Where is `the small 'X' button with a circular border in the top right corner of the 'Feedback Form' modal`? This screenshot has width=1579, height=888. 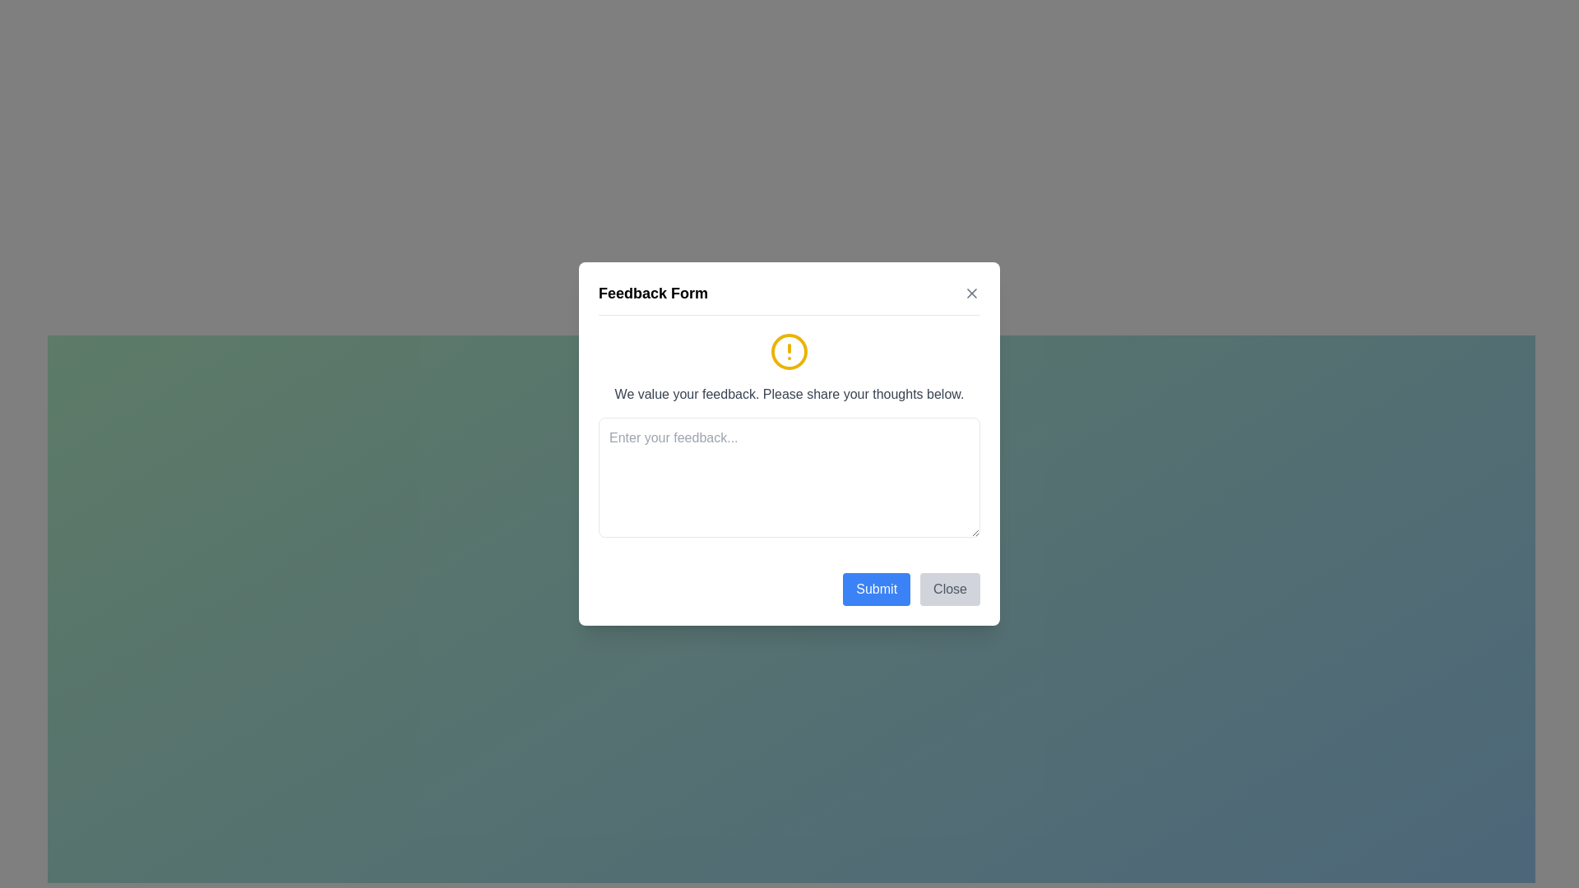 the small 'X' button with a circular border in the top right corner of the 'Feedback Form' modal is located at coordinates (971, 293).